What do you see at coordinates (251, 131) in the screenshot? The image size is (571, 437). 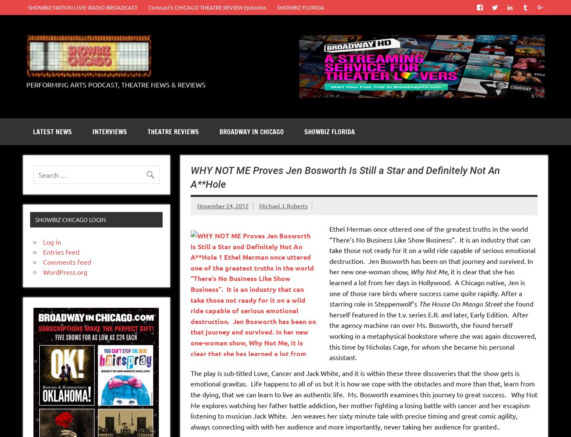 I see `'Broadway In Chicago'` at bounding box center [251, 131].